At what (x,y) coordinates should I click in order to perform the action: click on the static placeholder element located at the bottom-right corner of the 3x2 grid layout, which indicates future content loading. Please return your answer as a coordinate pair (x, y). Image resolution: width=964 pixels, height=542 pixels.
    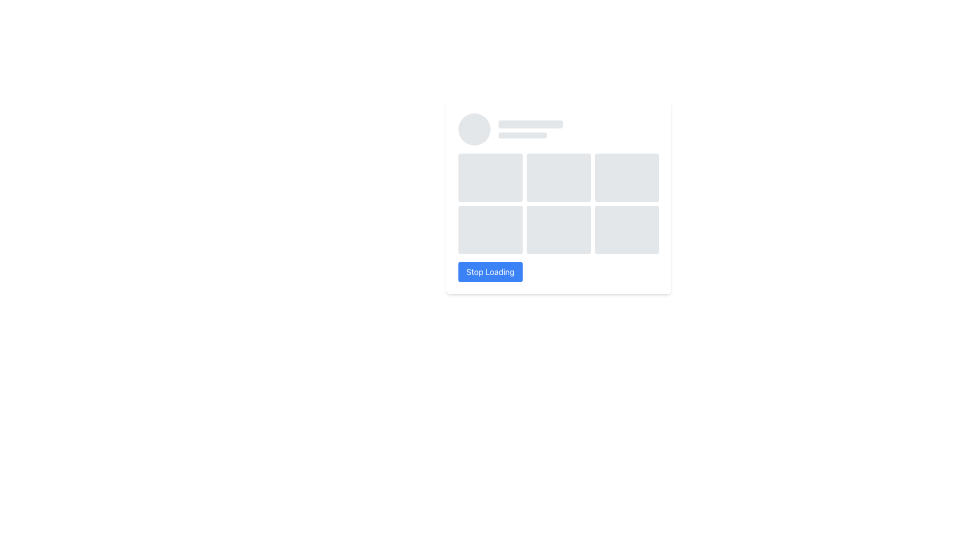
    Looking at the image, I should click on (626, 230).